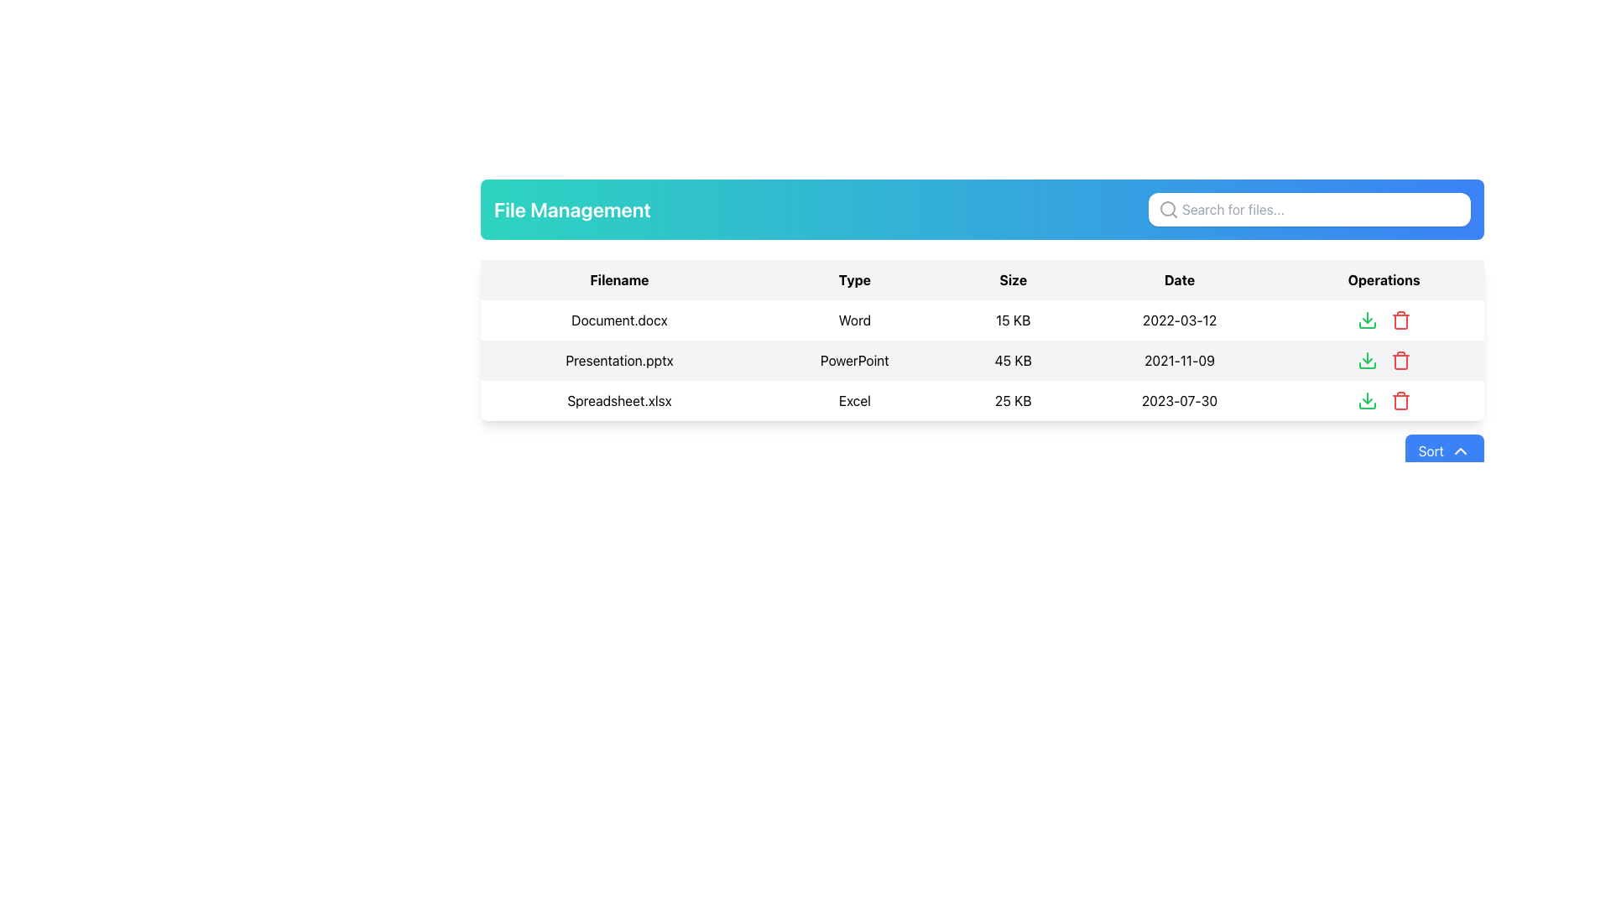 The image size is (1611, 906). Describe the element at coordinates (1367, 405) in the screenshot. I see `the bottom portion of the download icon in the 'Operations' column for 'Spreadsheet.xlsx' to initiate the download` at that location.